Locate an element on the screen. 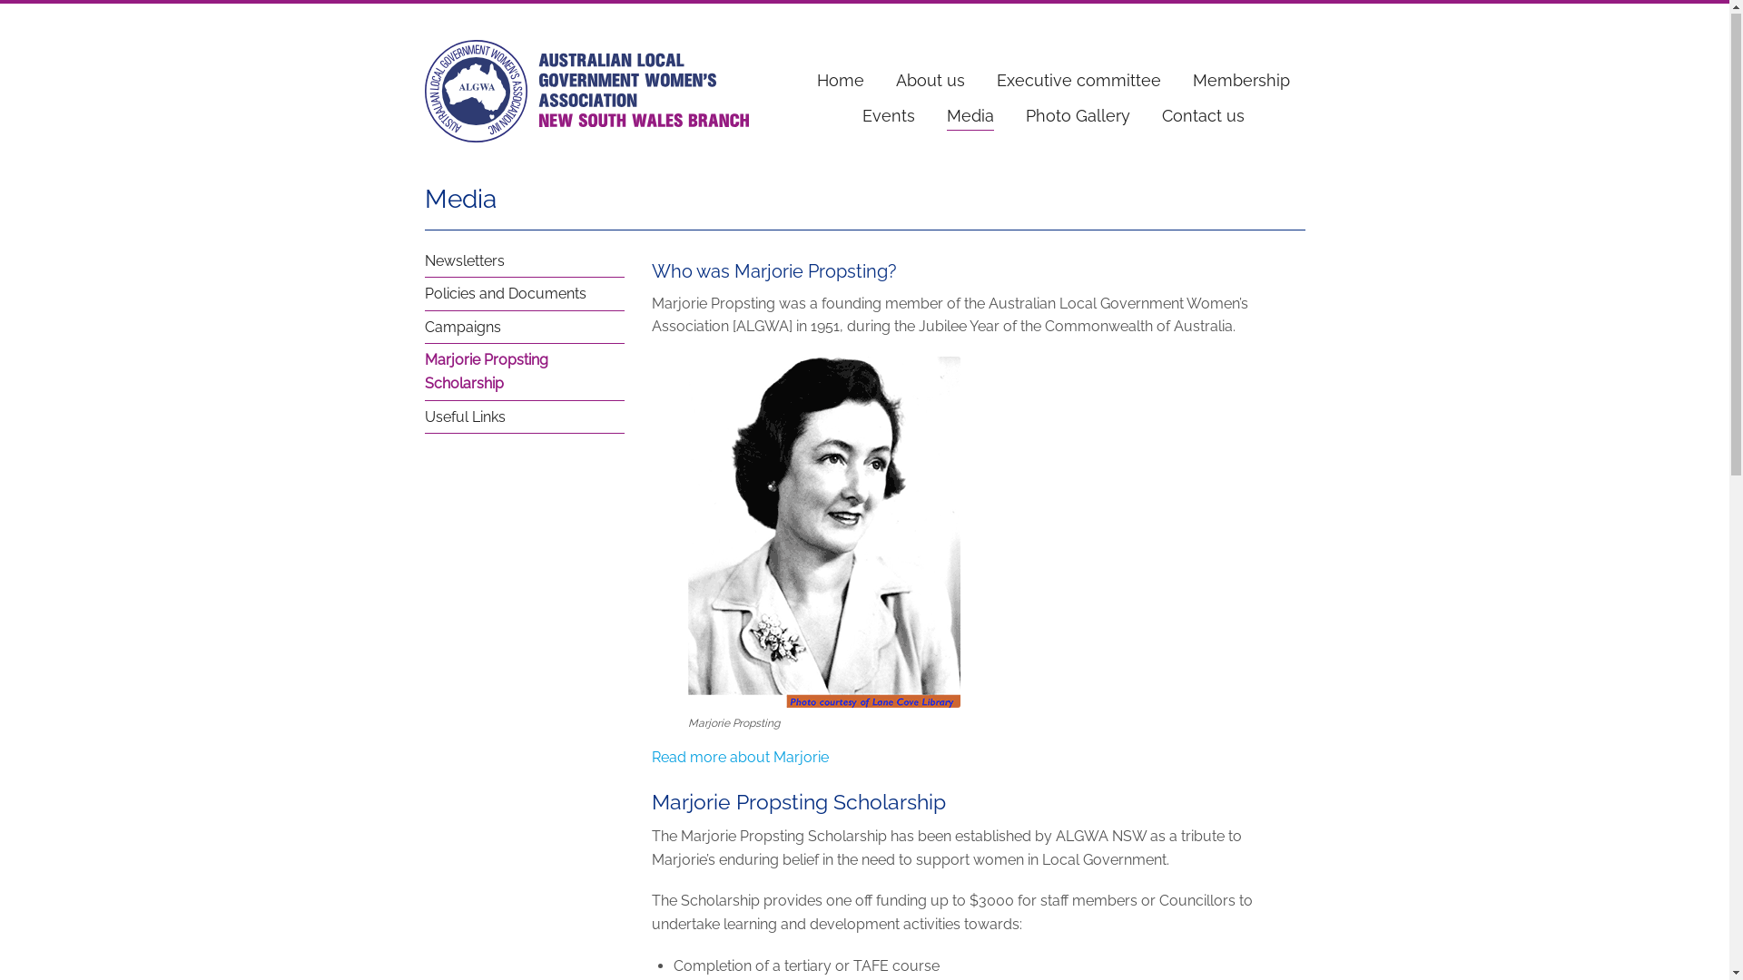 Image resolution: width=1743 pixels, height=980 pixels. 'Events' is located at coordinates (889, 116).